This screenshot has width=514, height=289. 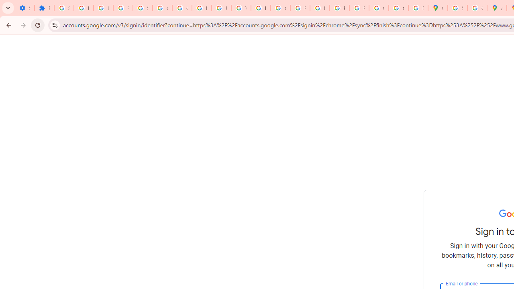 What do you see at coordinates (24, 8) in the screenshot?
I see `'Settings - On startup'` at bounding box center [24, 8].